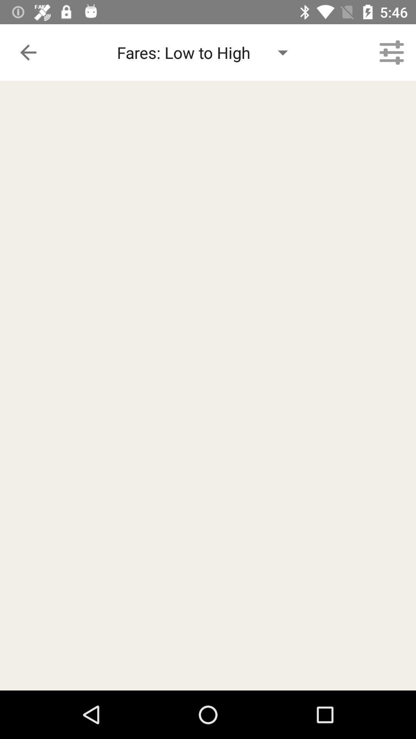 The height and width of the screenshot is (739, 416). Describe the element at coordinates (392, 52) in the screenshot. I see `item at the top right corner` at that location.